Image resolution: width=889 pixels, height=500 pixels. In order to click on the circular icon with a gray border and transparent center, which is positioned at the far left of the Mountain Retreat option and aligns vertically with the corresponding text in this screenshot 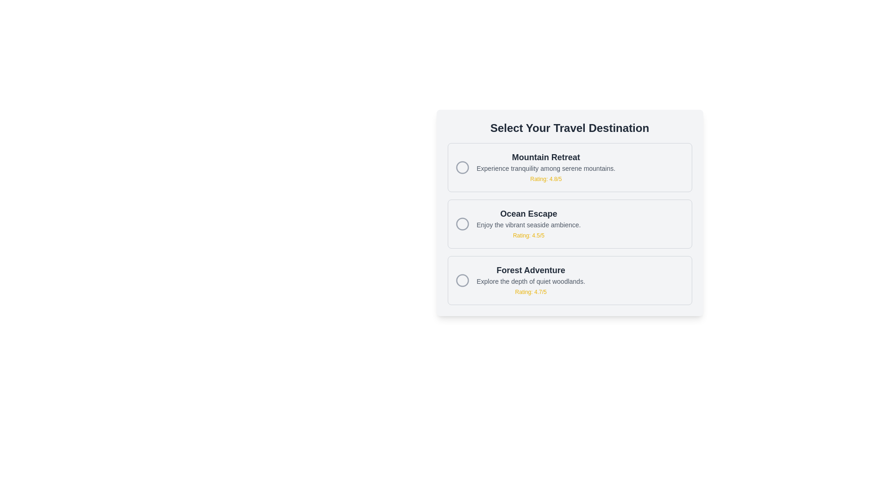, I will do `click(462, 168)`.